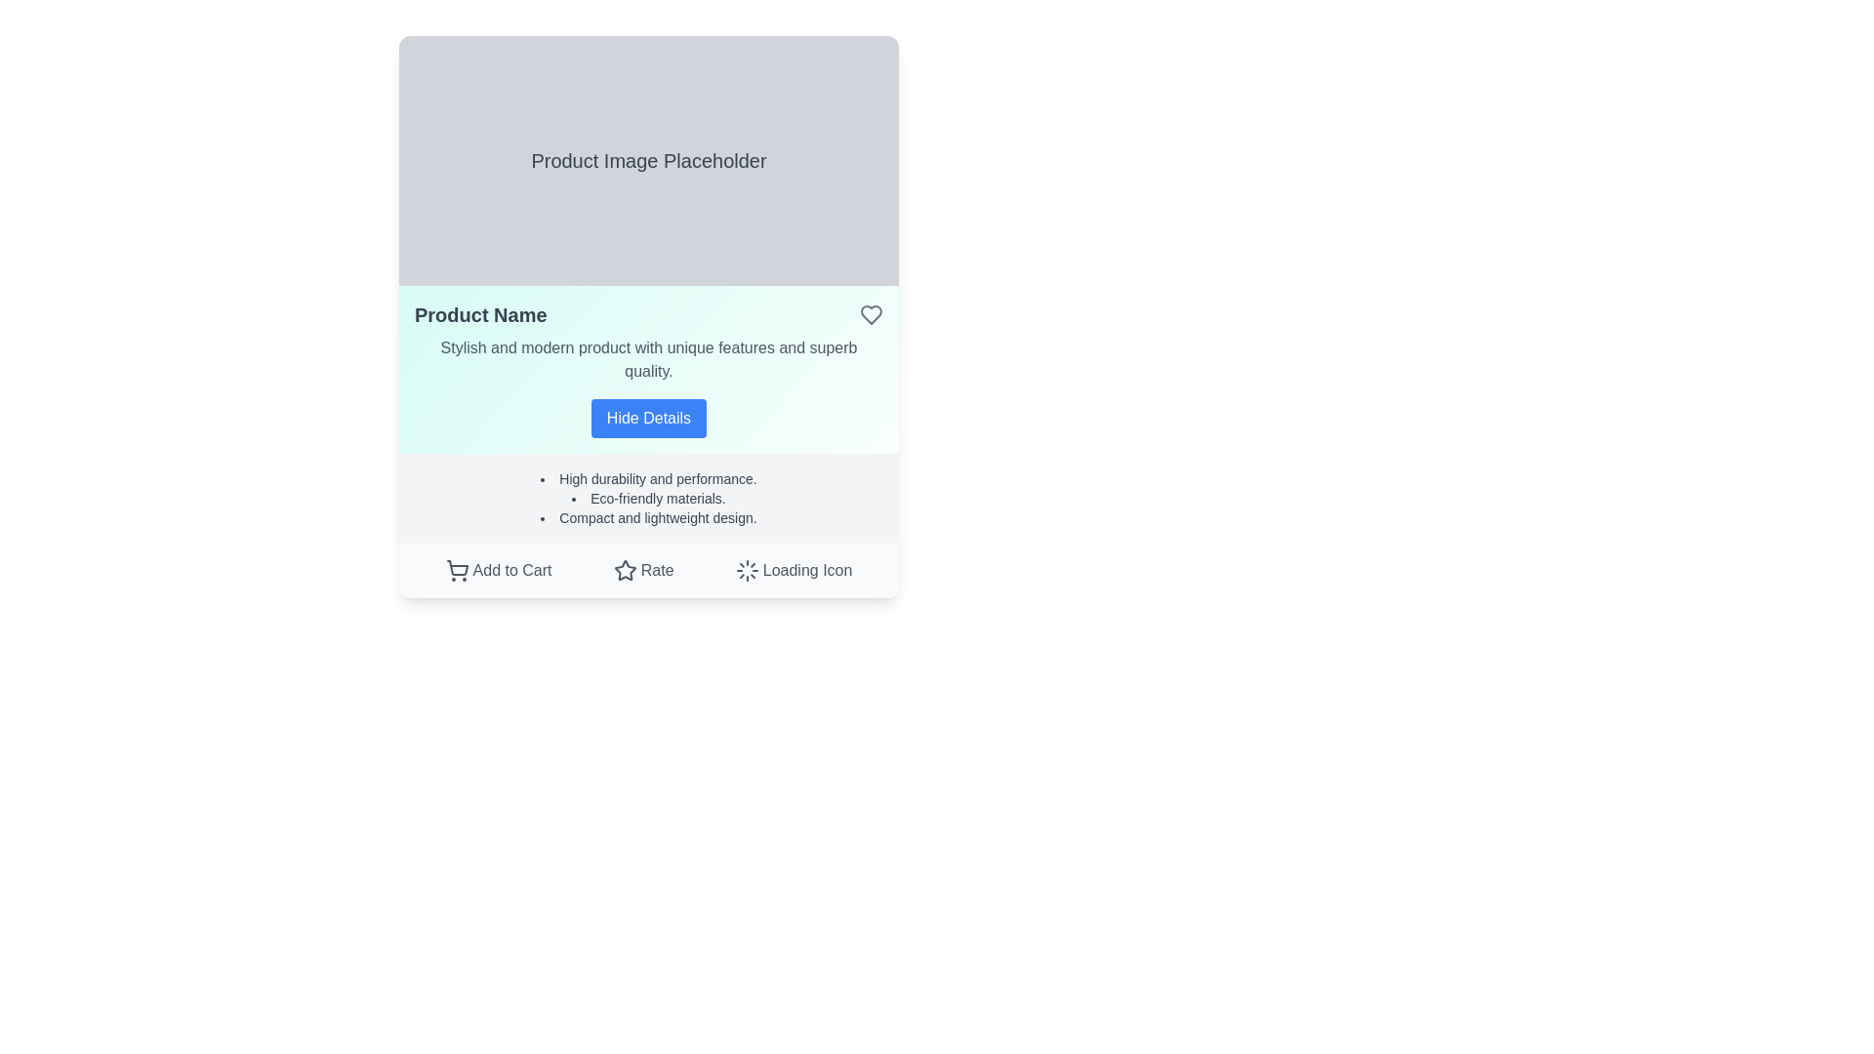  I want to click on the text label element reading 'Eco-friendly materials.' which is the second item in a vertical list of three points, so click(649, 497).